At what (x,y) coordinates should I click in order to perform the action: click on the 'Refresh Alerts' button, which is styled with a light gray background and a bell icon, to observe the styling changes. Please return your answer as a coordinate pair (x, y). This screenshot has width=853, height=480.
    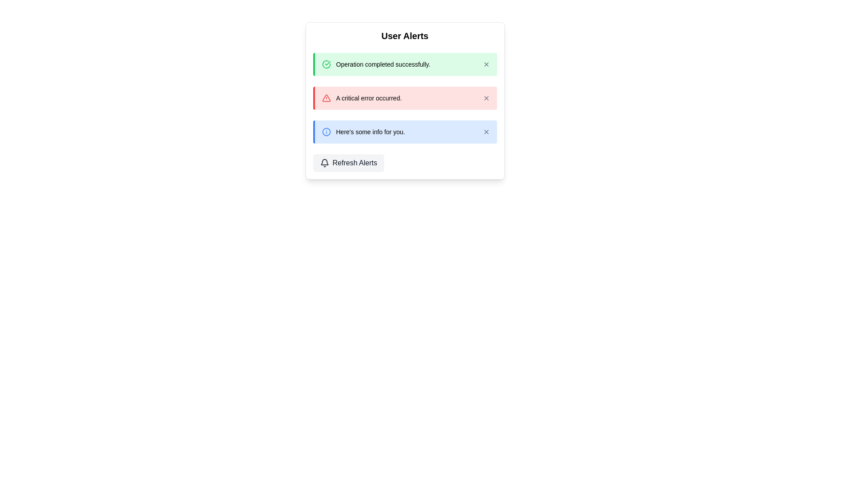
    Looking at the image, I should click on (348, 163).